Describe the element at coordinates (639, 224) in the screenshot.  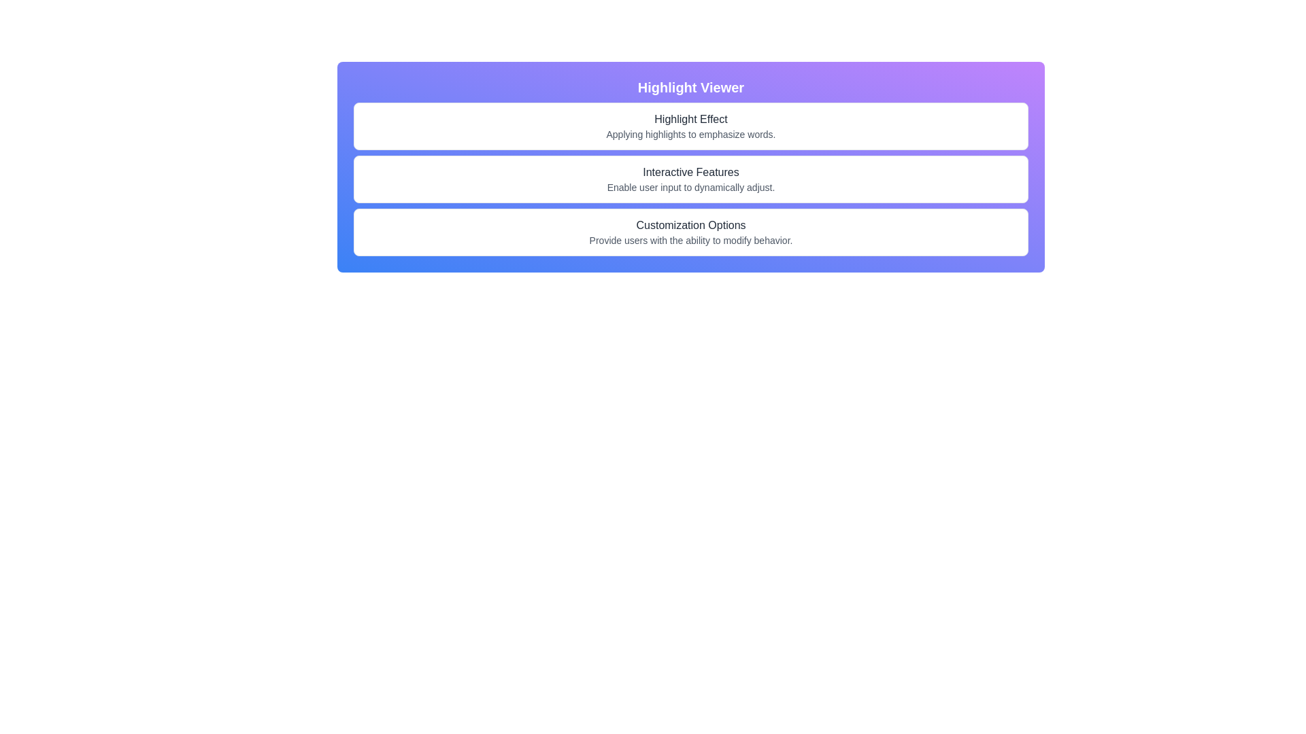
I see `the character 'C' in the text 'Customization Options' by moving the cursor to its position` at that location.